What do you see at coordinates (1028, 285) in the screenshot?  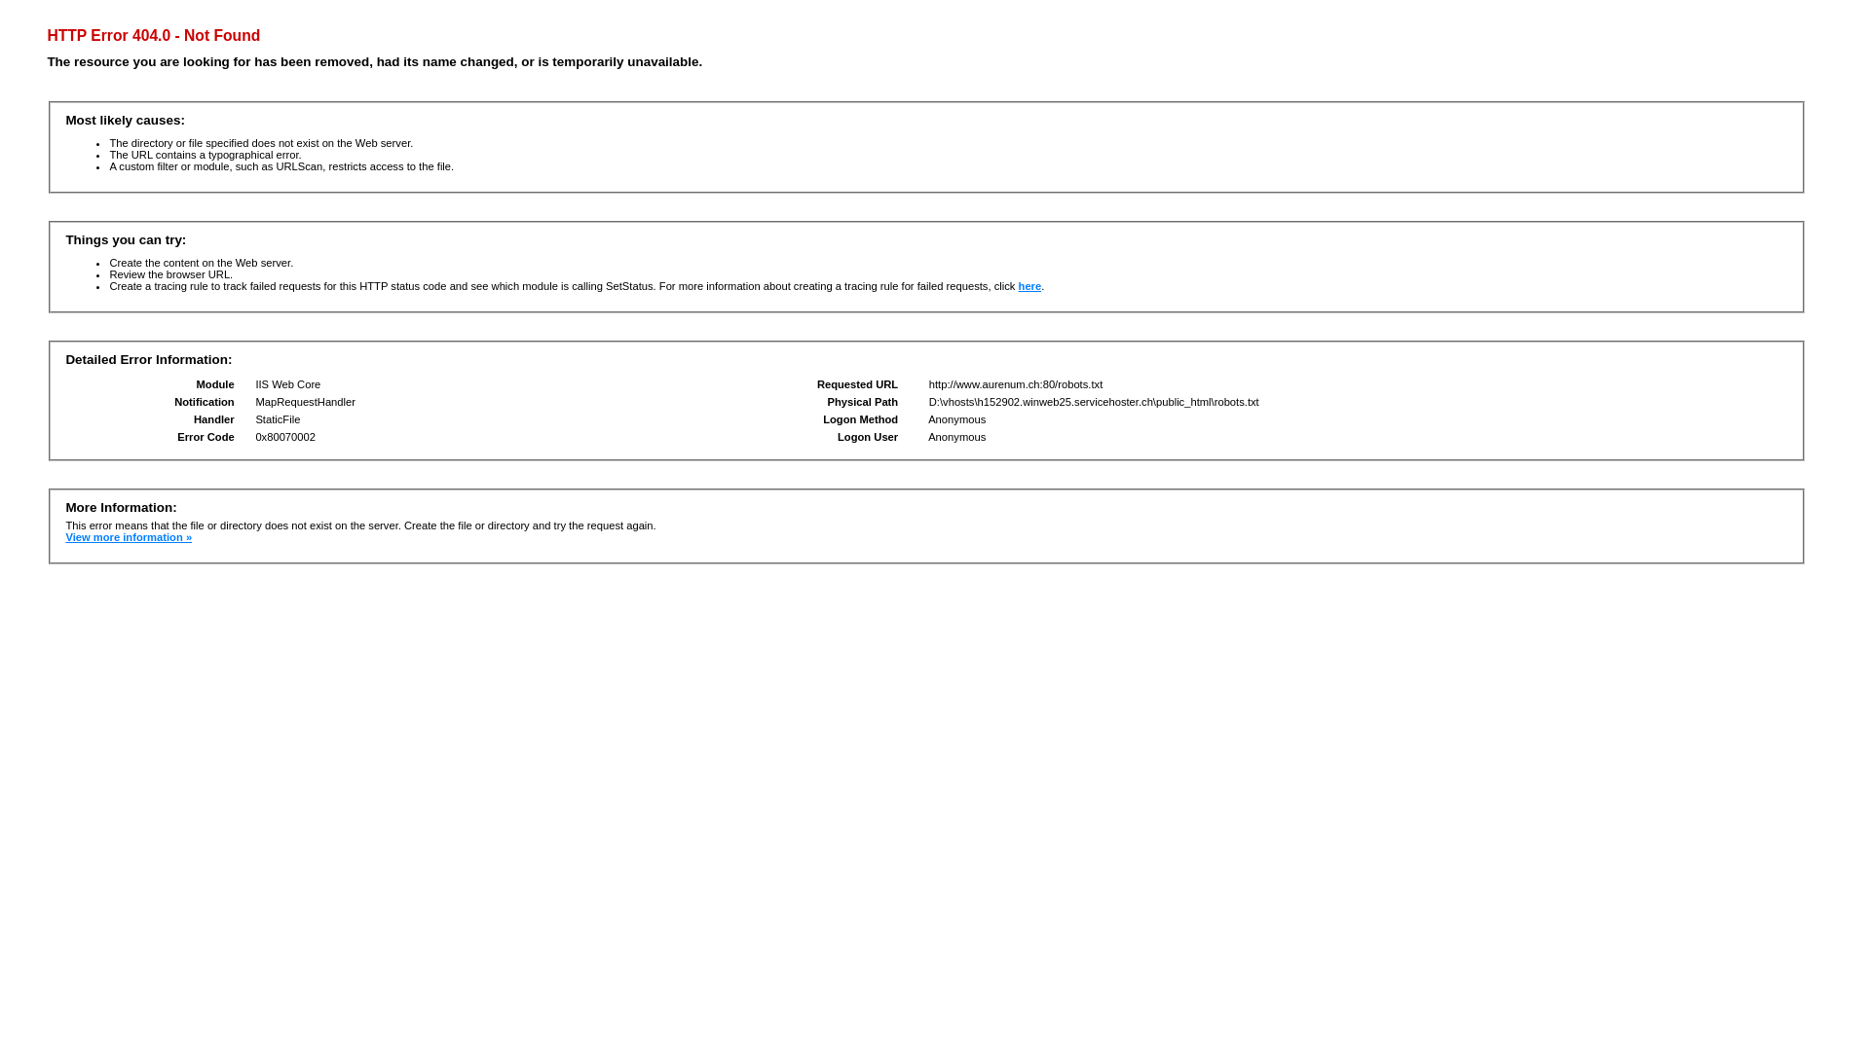 I see `'here'` at bounding box center [1028, 285].